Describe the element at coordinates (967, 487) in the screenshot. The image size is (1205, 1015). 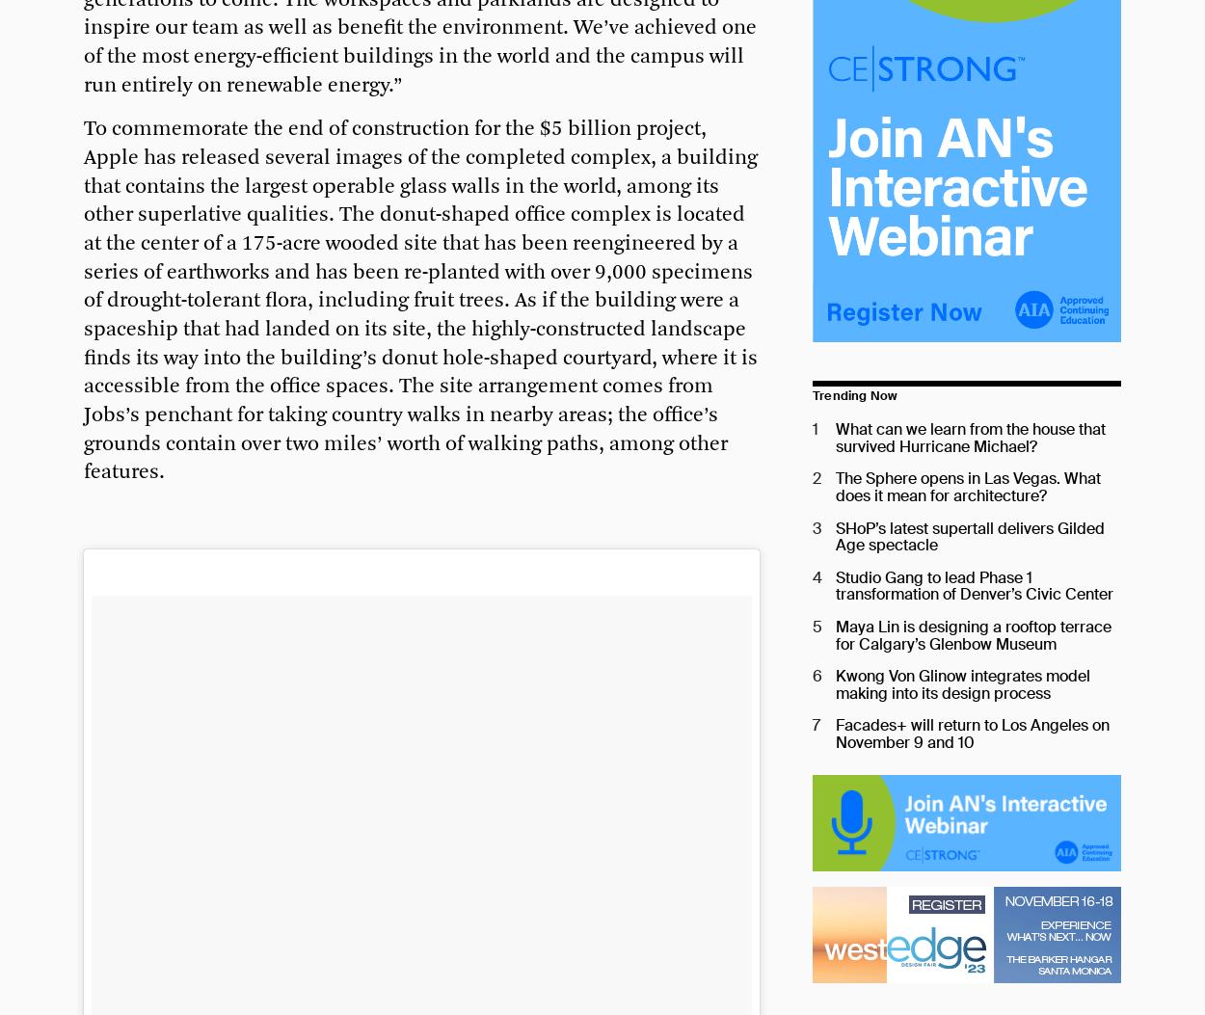
I see `'The Sphere opens in Las Vegas. What does it mean for architecture?'` at that location.